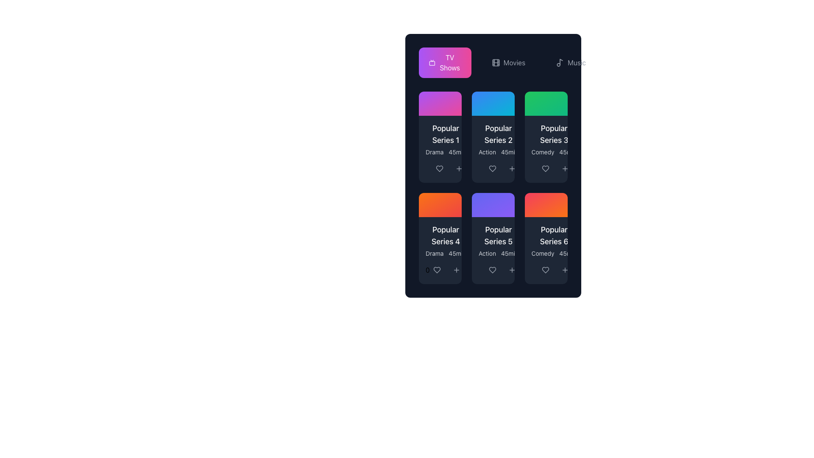 This screenshot has height=458, width=814. What do you see at coordinates (493, 148) in the screenshot?
I see `the plus icon within the 'Popular Series 2' card, which features a dark gray background and includes the text 'Popular Series 2' and interactive icons for adding to the list` at bounding box center [493, 148].